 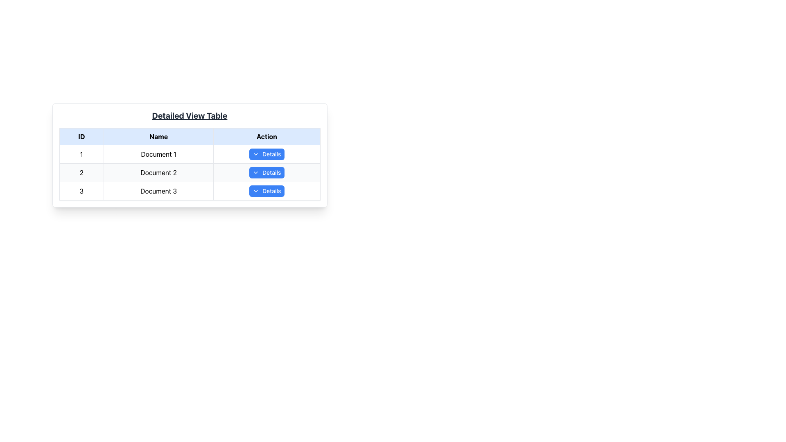 I want to click on the Table Header Cell labeled 'ID', which is a rectangular cell with bold black text on a light blue background, located at the top-left corner of the table, so click(x=81, y=136).